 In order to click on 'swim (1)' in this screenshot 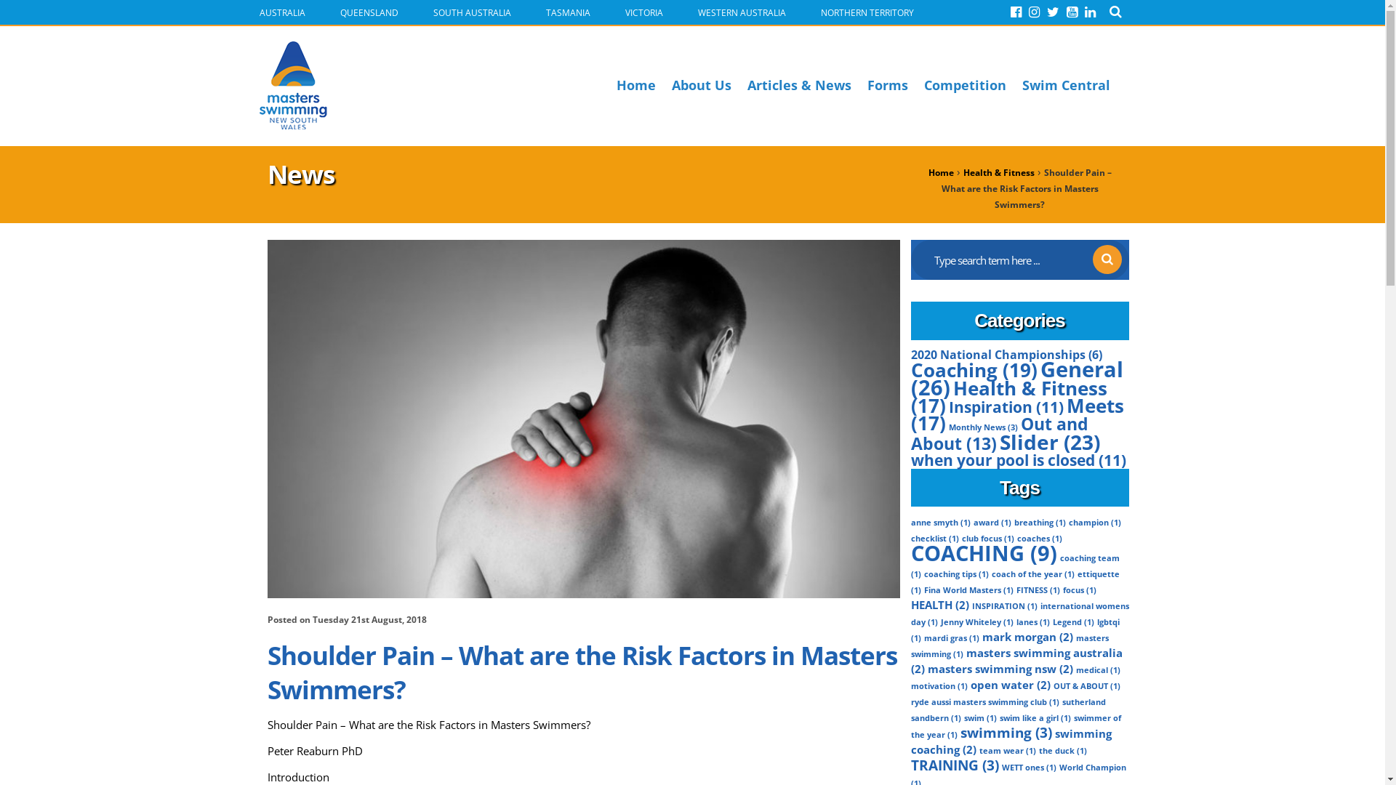, I will do `click(980, 717)`.